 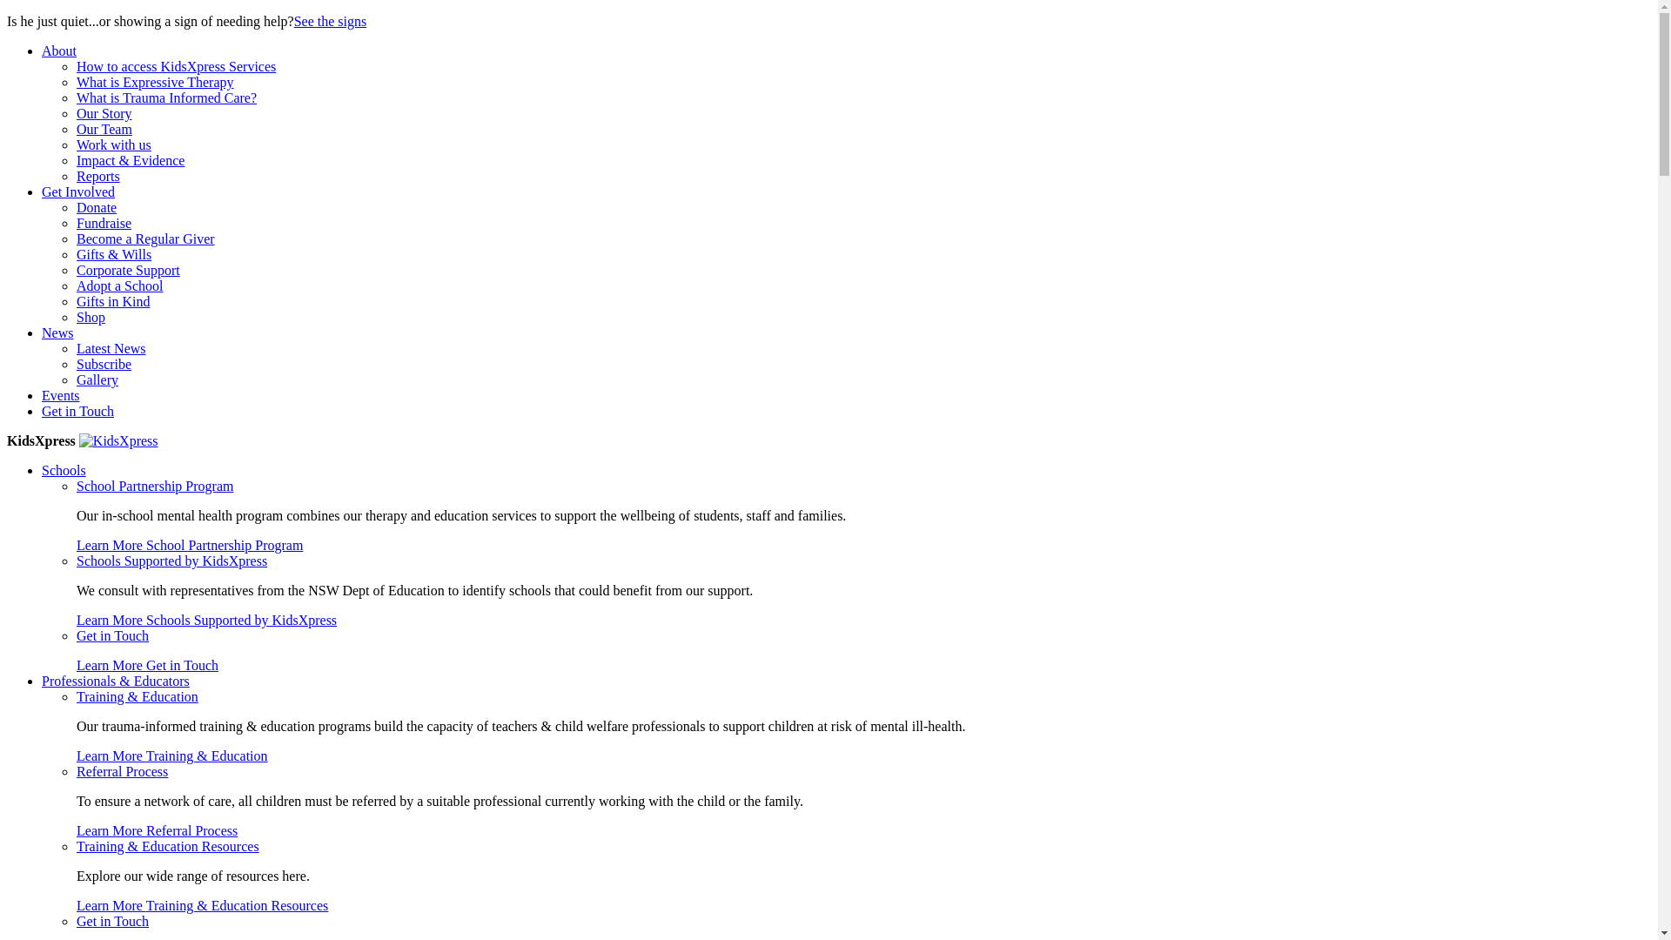 What do you see at coordinates (127, 270) in the screenshot?
I see `'Corporate Support'` at bounding box center [127, 270].